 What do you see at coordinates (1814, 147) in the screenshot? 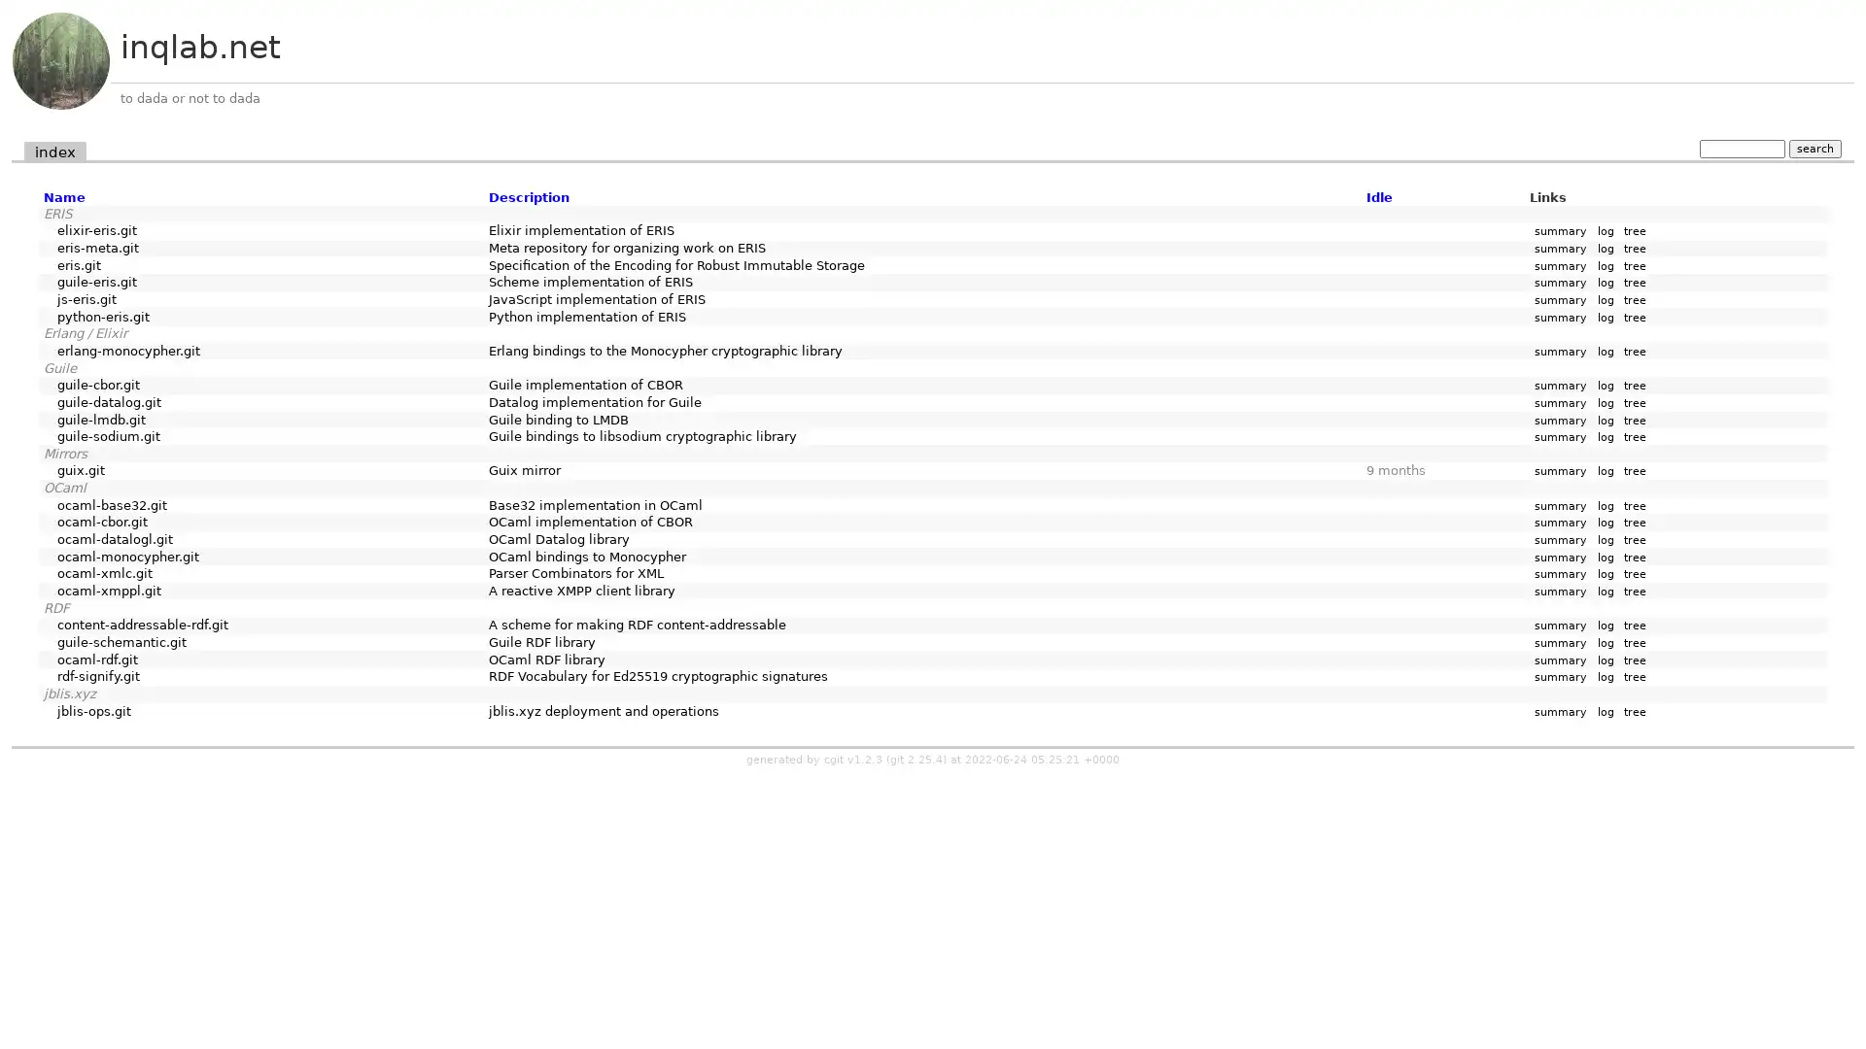
I see `search` at bounding box center [1814, 147].